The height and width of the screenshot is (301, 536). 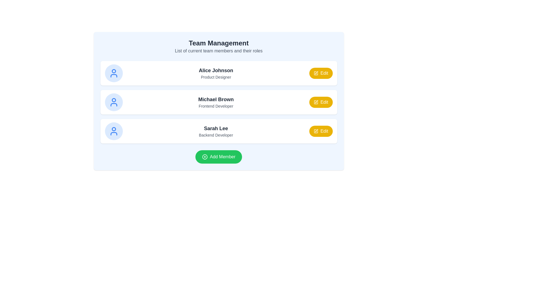 I want to click on the text label displaying 'Michael Brown', which is positioned in the second row of the 'Team Management' list, to the right of a user avatar and left of the 'Edit' button, so click(x=216, y=102).